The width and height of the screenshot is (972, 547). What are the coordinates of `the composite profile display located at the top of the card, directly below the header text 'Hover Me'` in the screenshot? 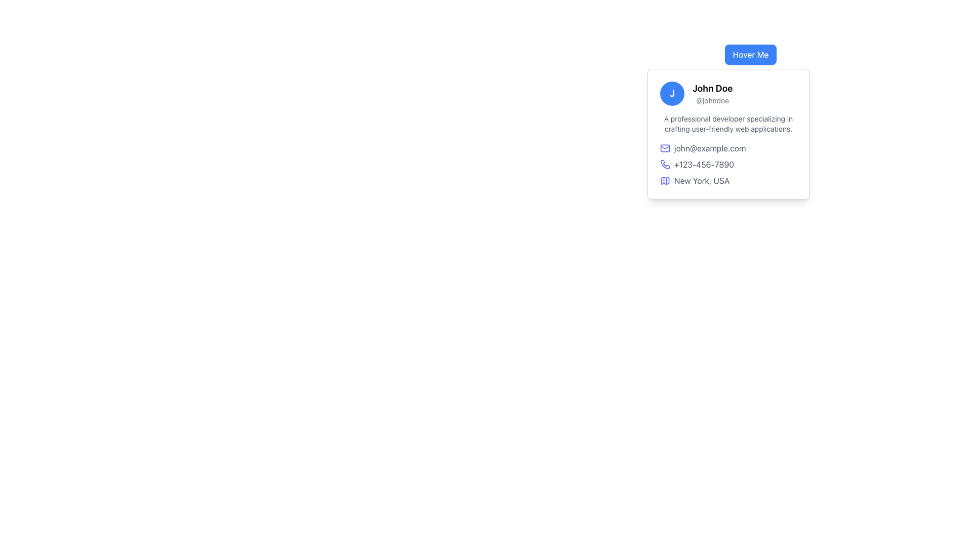 It's located at (728, 94).